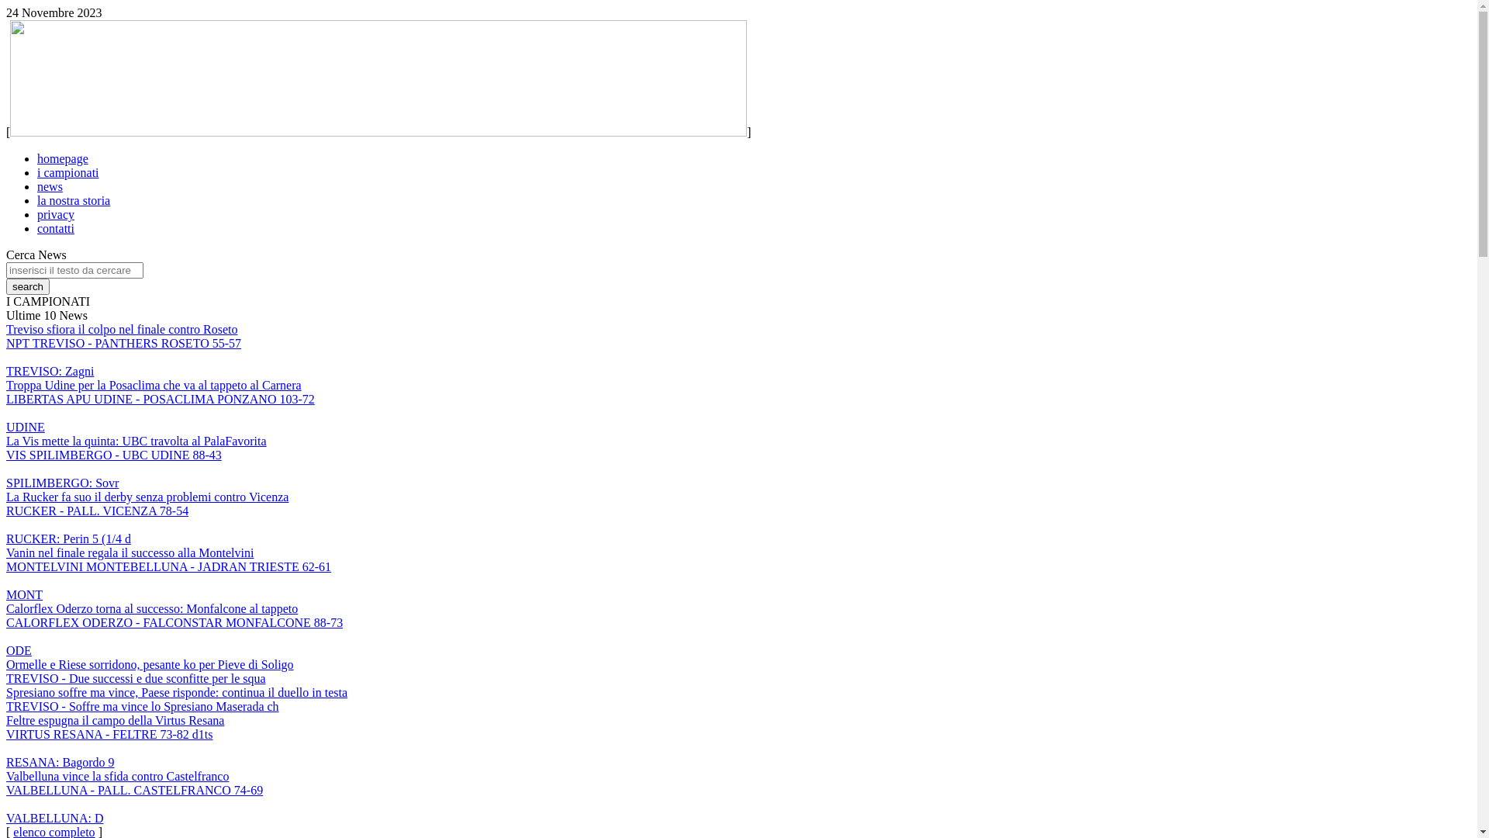 The width and height of the screenshot is (1489, 838). Describe the element at coordinates (130, 552) in the screenshot. I see `'Vanin nel finale regala il successo alla Montelvini'` at that location.